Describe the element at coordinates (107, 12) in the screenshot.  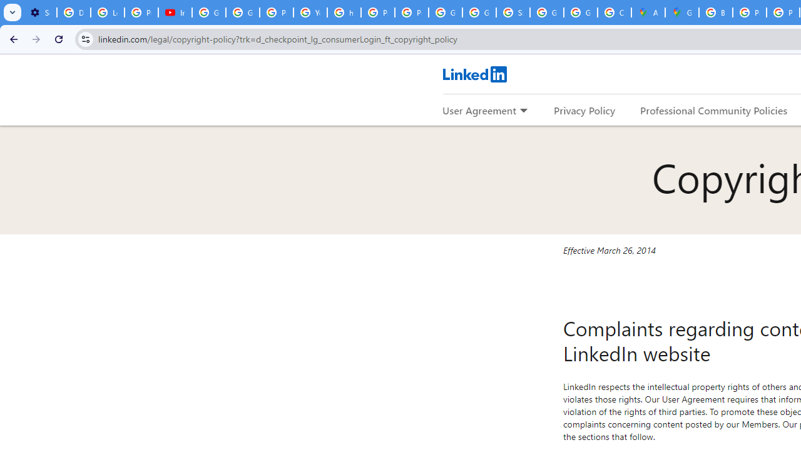
I see `'Learn how to find your photos - Google Photos Help'` at that location.